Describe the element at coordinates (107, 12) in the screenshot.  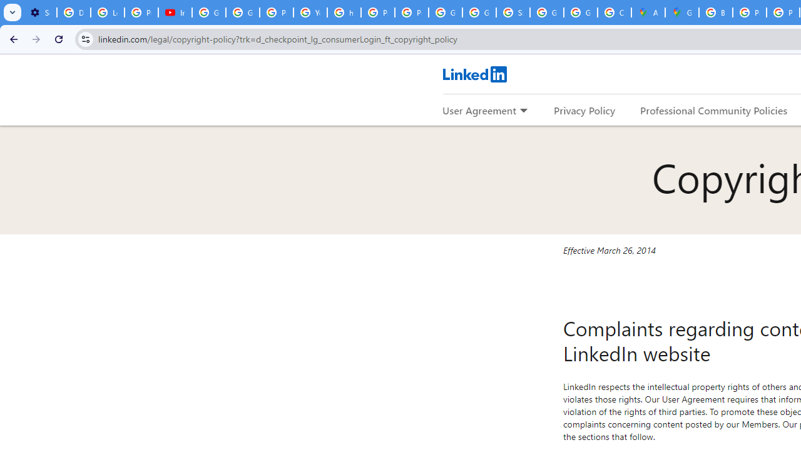
I see `'Learn how to find your photos - Google Photos Help'` at that location.